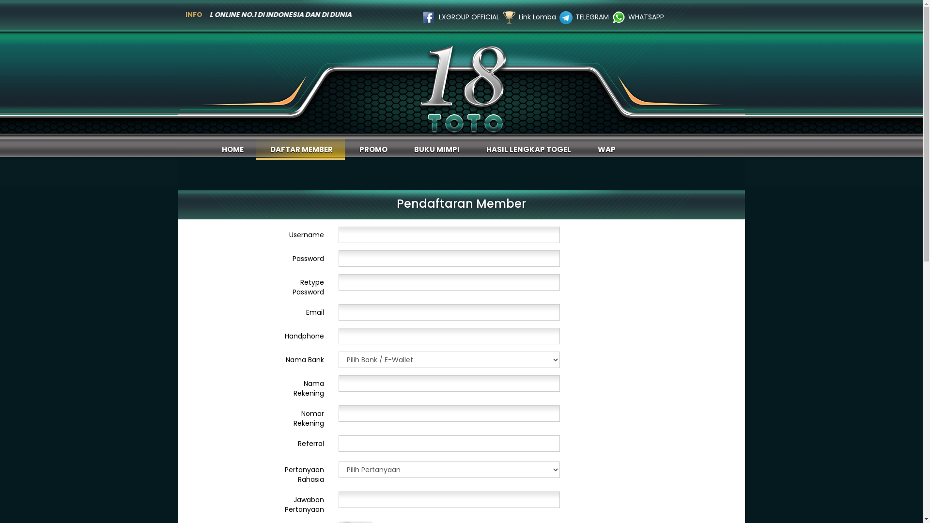  I want to click on 'BUKU MIMPI', so click(434, 149).